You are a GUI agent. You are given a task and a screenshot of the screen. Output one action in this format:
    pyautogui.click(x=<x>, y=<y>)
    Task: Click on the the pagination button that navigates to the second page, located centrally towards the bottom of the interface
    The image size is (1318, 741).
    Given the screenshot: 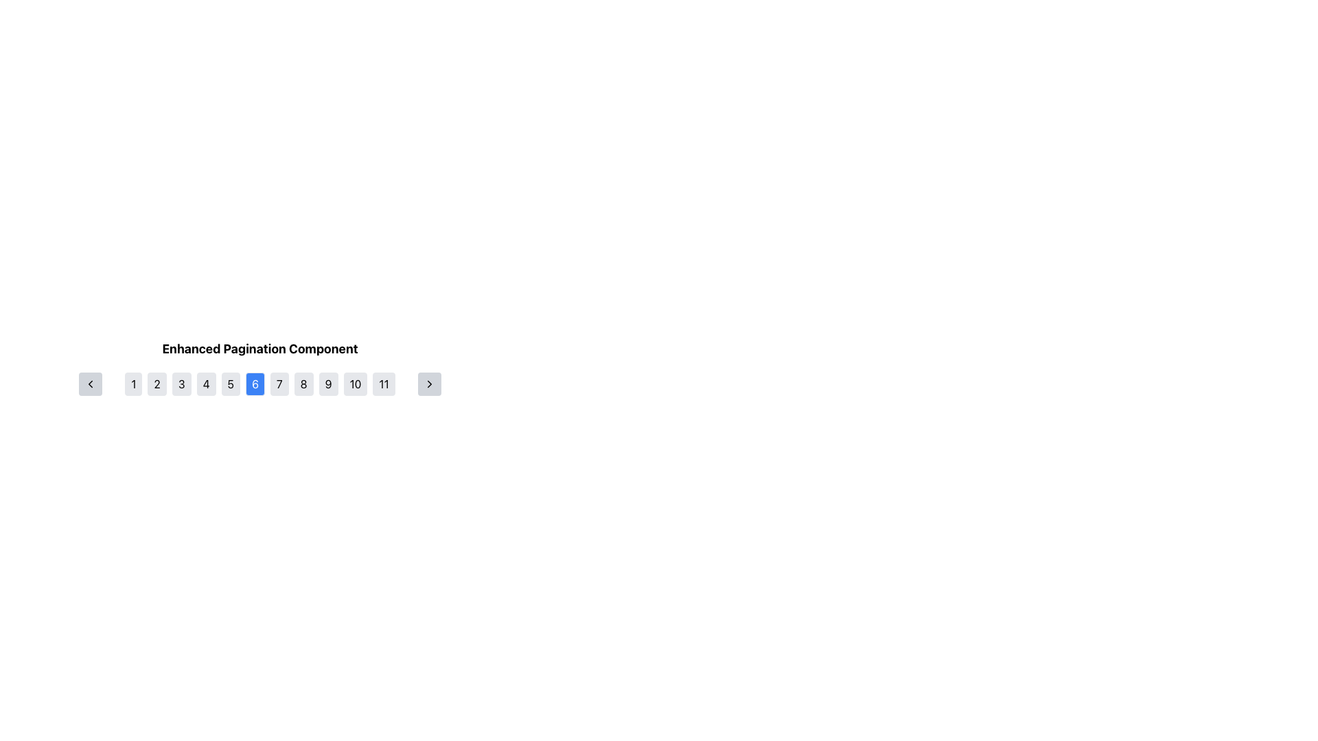 What is the action you would take?
    pyautogui.click(x=157, y=384)
    